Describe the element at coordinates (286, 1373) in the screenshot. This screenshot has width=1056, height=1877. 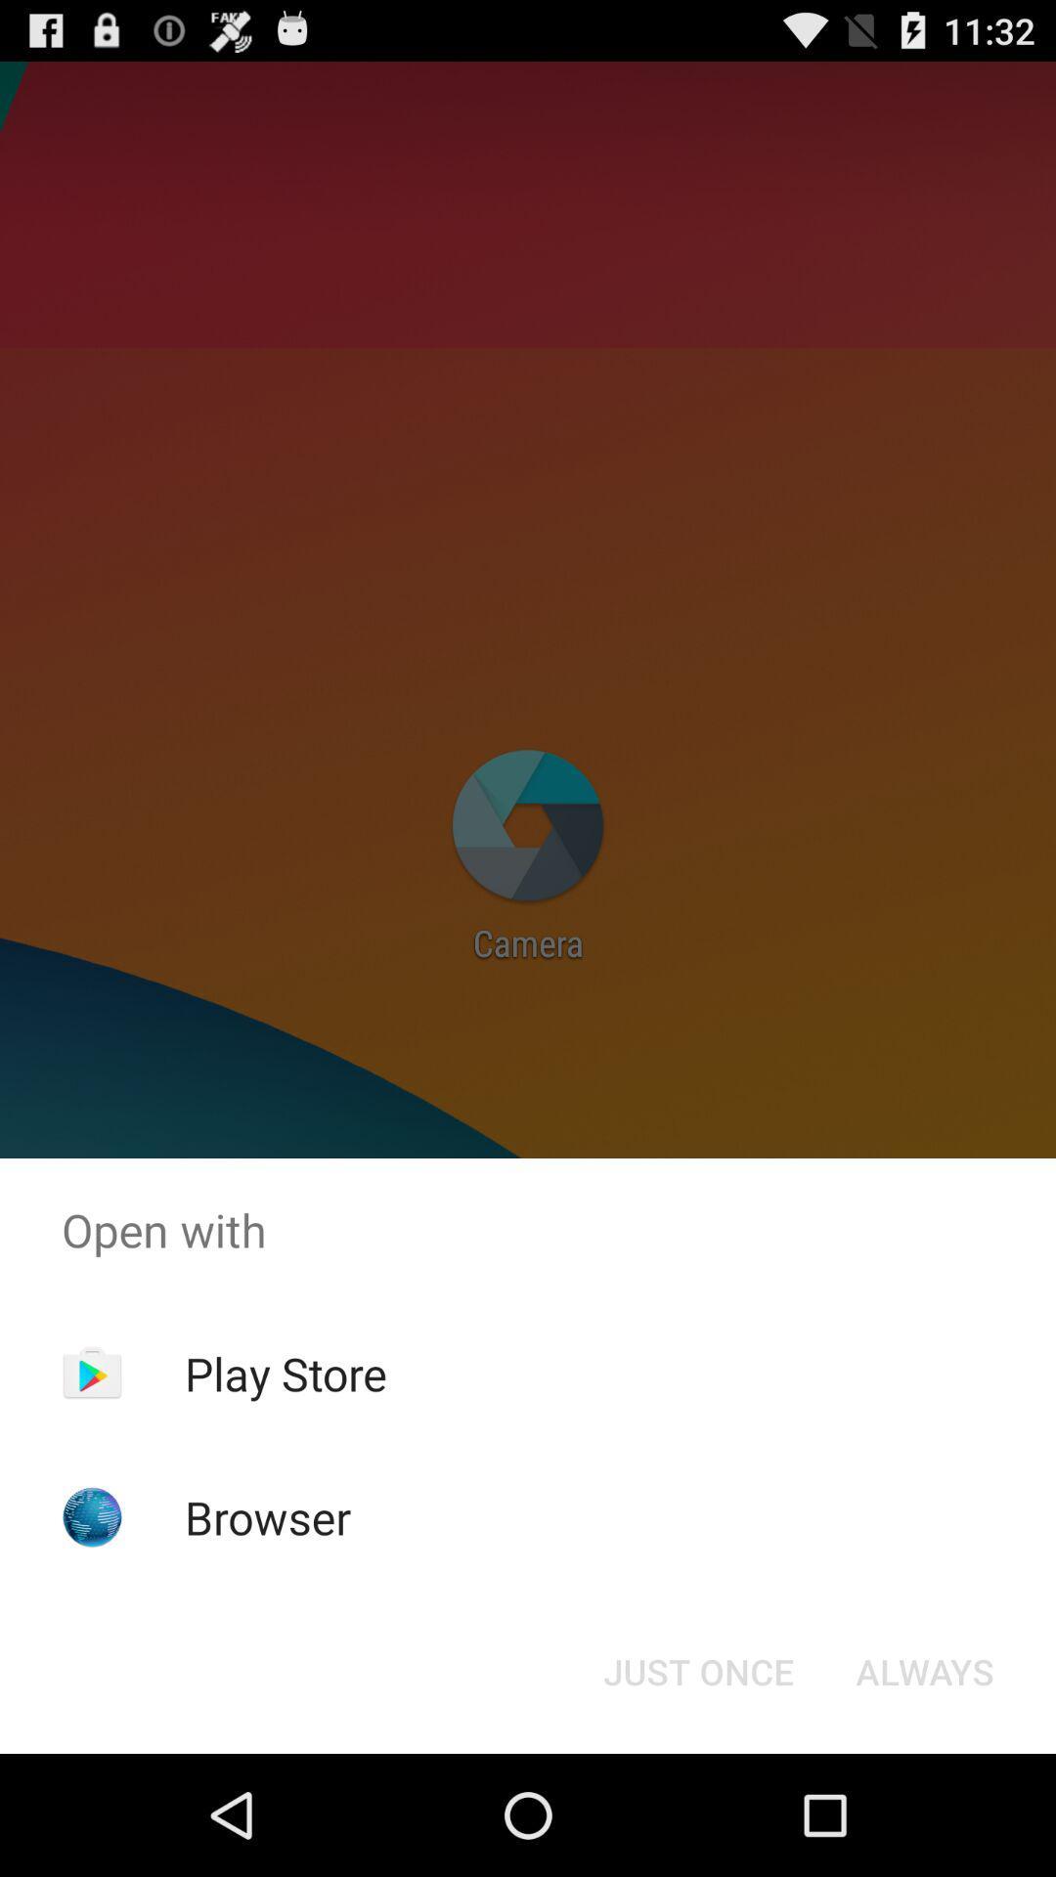
I see `the app above the browser app` at that location.